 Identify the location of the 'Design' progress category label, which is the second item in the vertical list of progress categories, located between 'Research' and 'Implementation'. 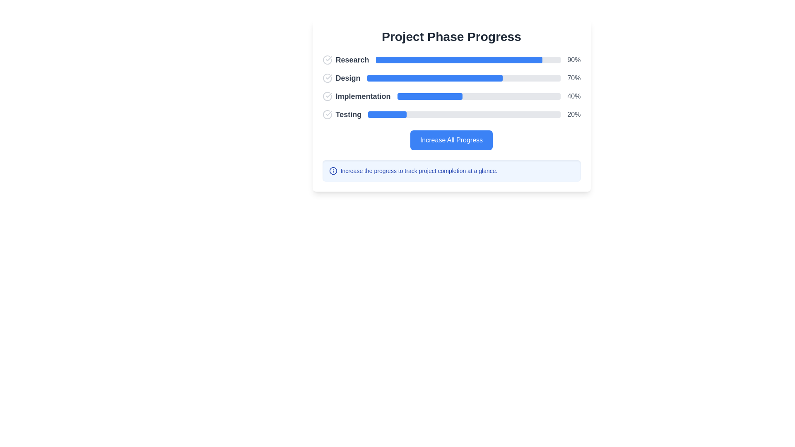
(341, 78).